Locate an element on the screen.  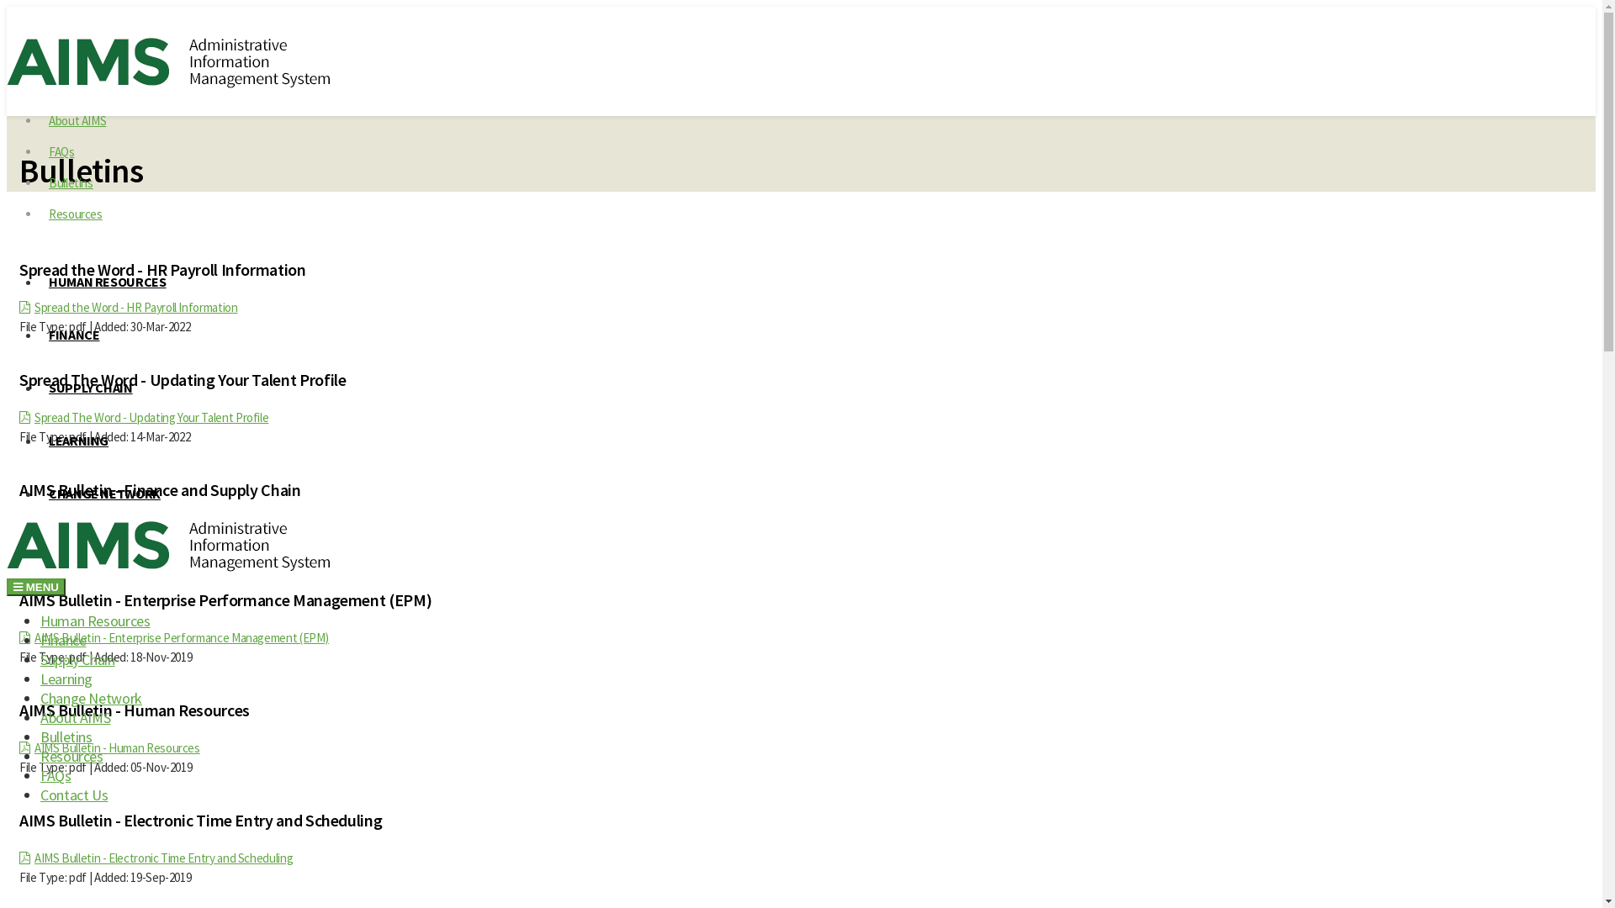
'SUPPLY CHAIN' is located at coordinates (89, 388).